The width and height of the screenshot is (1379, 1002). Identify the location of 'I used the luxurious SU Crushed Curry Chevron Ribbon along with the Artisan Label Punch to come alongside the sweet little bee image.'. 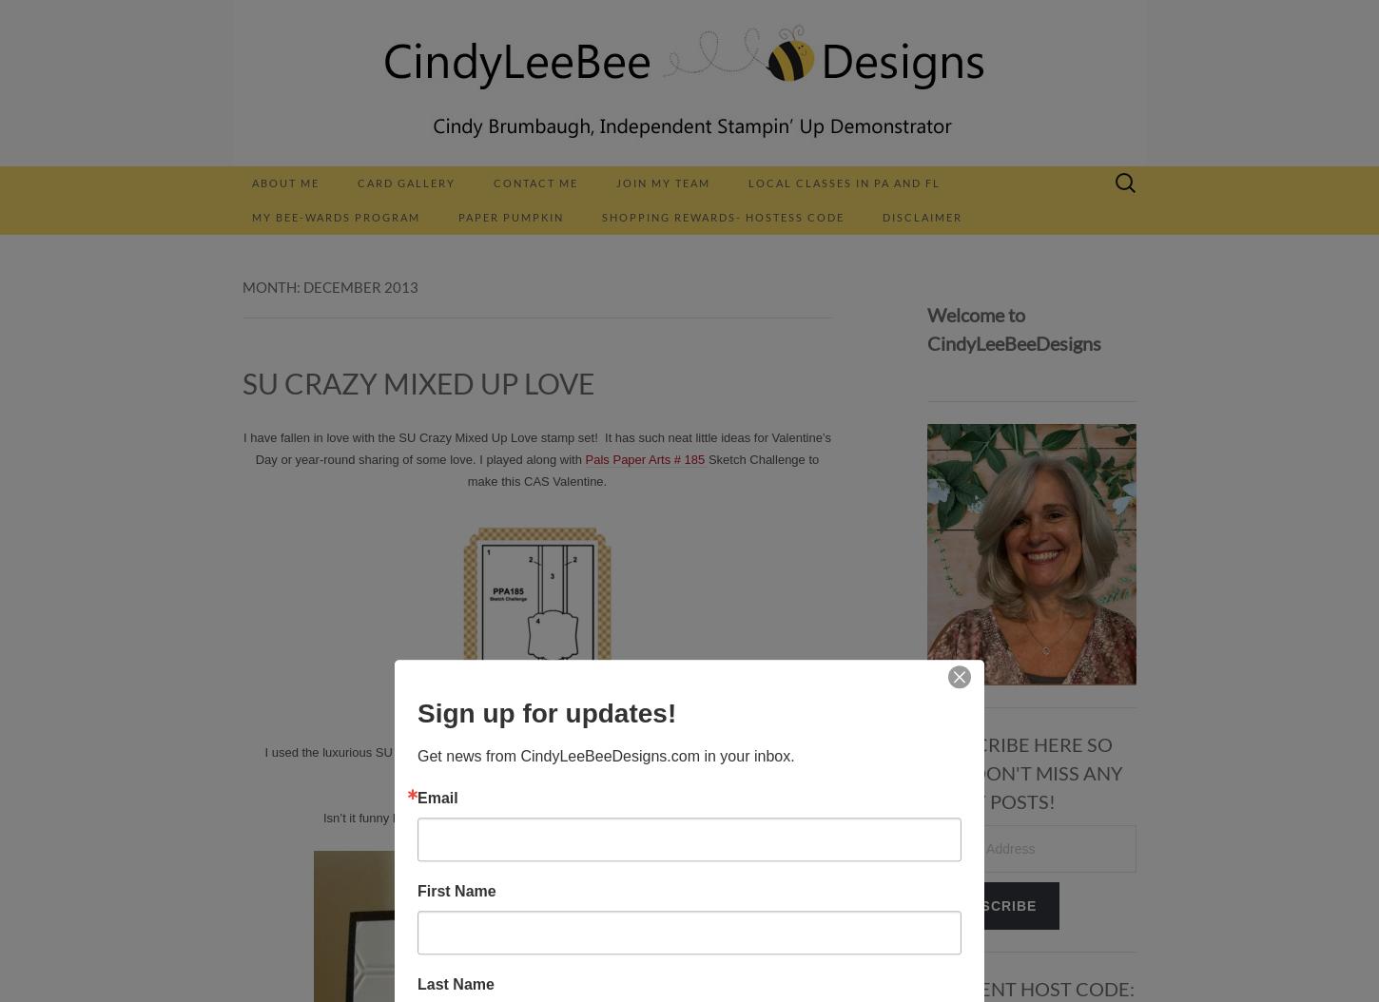
(263, 762).